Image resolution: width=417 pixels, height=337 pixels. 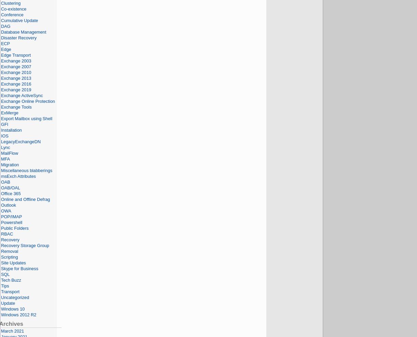 What do you see at coordinates (16, 78) in the screenshot?
I see `'Exchange 2013'` at bounding box center [16, 78].